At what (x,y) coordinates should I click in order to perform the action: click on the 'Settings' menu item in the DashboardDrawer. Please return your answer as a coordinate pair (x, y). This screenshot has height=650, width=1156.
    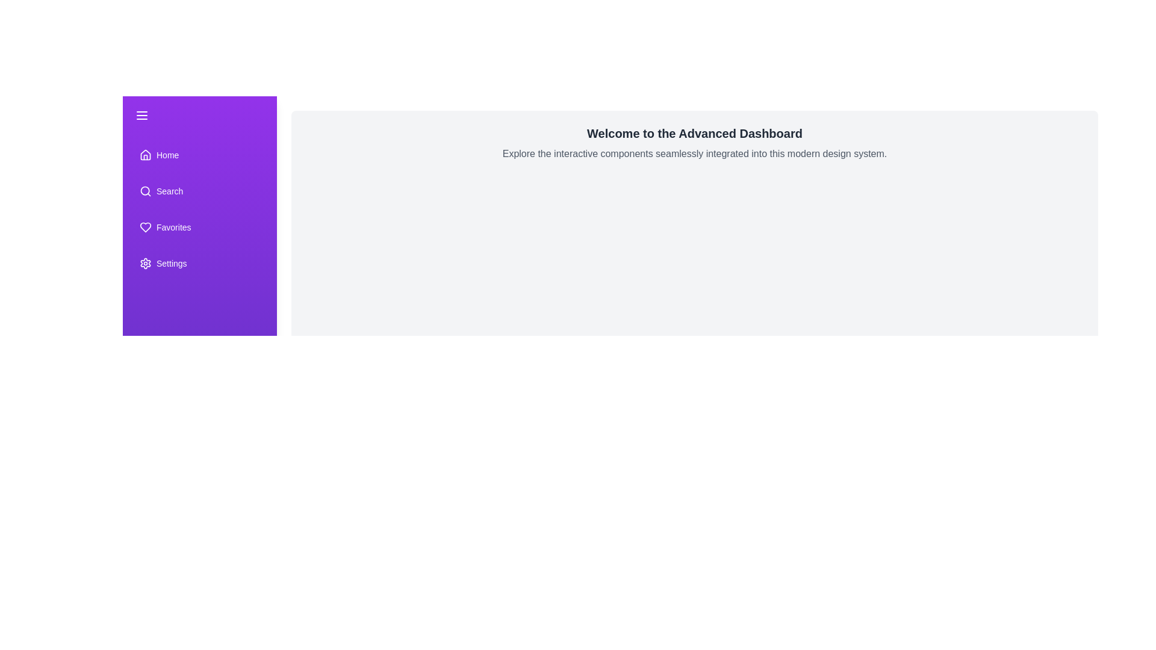
    Looking at the image, I should click on (199, 263).